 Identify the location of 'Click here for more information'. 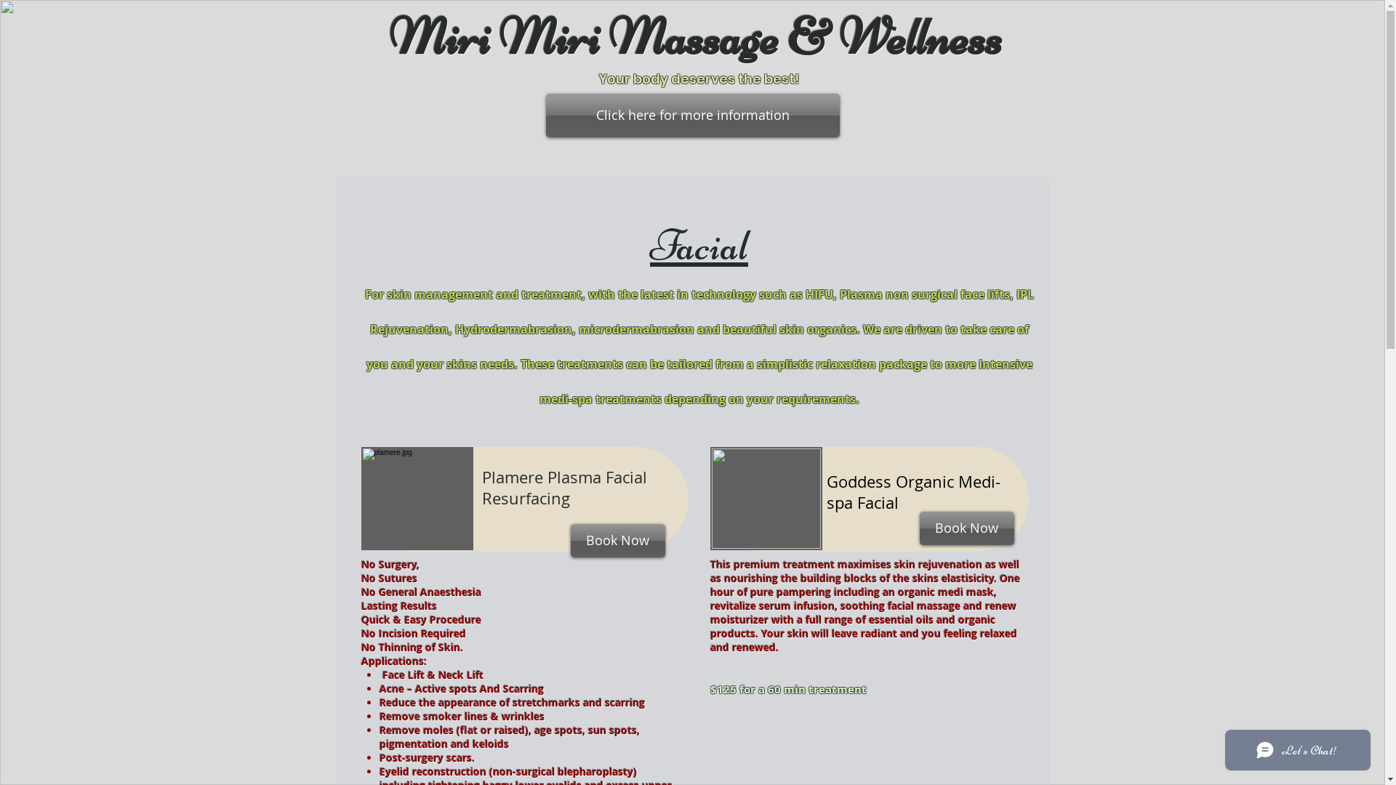
(544, 114).